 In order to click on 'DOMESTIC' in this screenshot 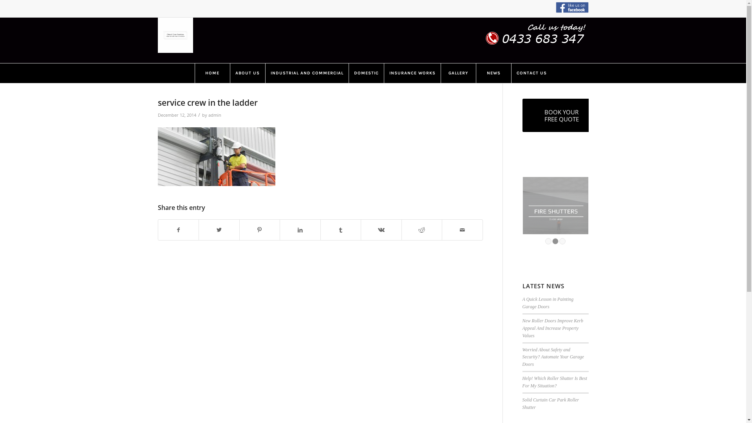, I will do `click(366, 73)`.